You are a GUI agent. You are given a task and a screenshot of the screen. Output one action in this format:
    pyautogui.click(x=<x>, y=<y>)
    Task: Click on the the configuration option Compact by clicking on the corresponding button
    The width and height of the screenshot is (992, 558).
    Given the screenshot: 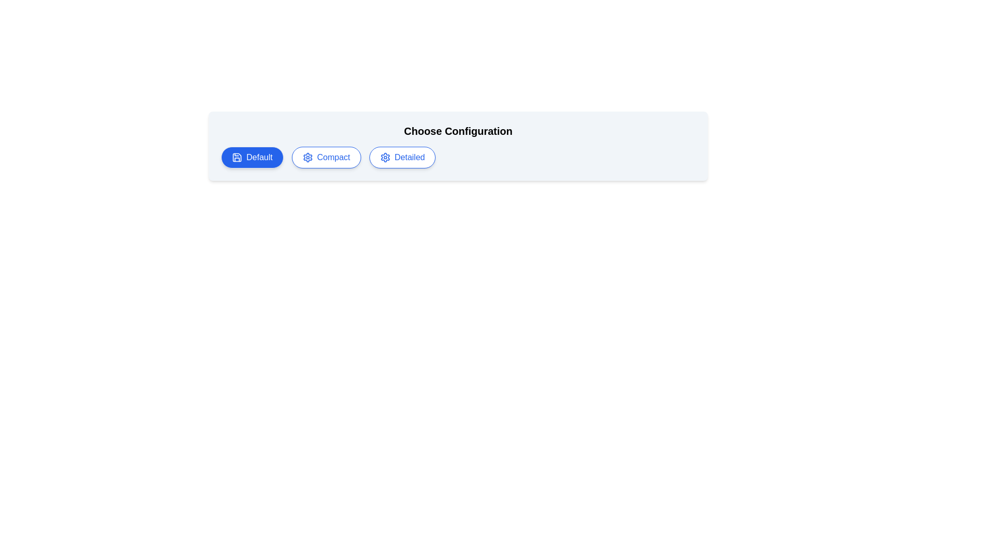 What is the action you would take?
    pyautogui.click(x=326, y=157)
    